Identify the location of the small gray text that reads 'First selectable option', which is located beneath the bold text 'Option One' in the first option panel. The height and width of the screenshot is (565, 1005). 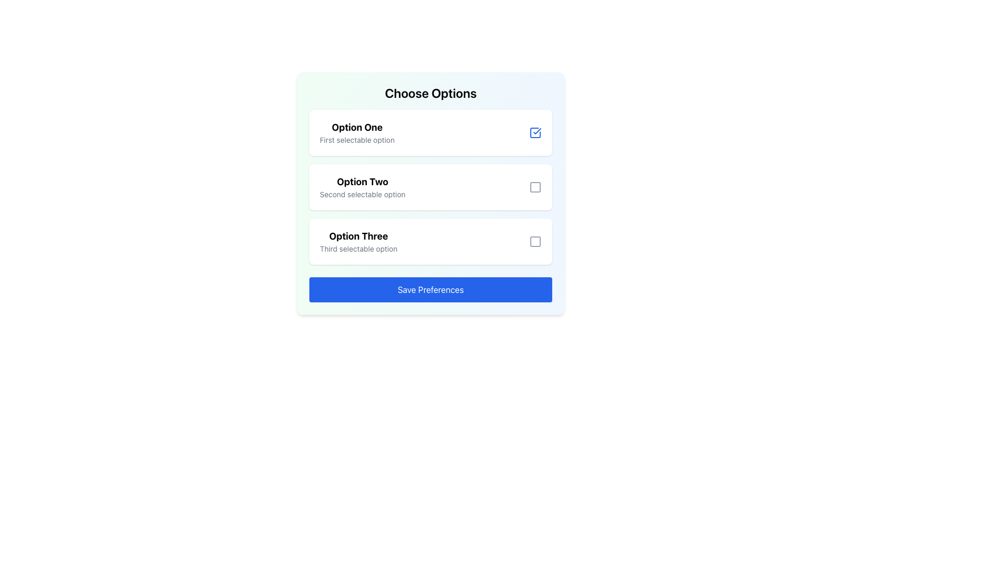
(357, 139).